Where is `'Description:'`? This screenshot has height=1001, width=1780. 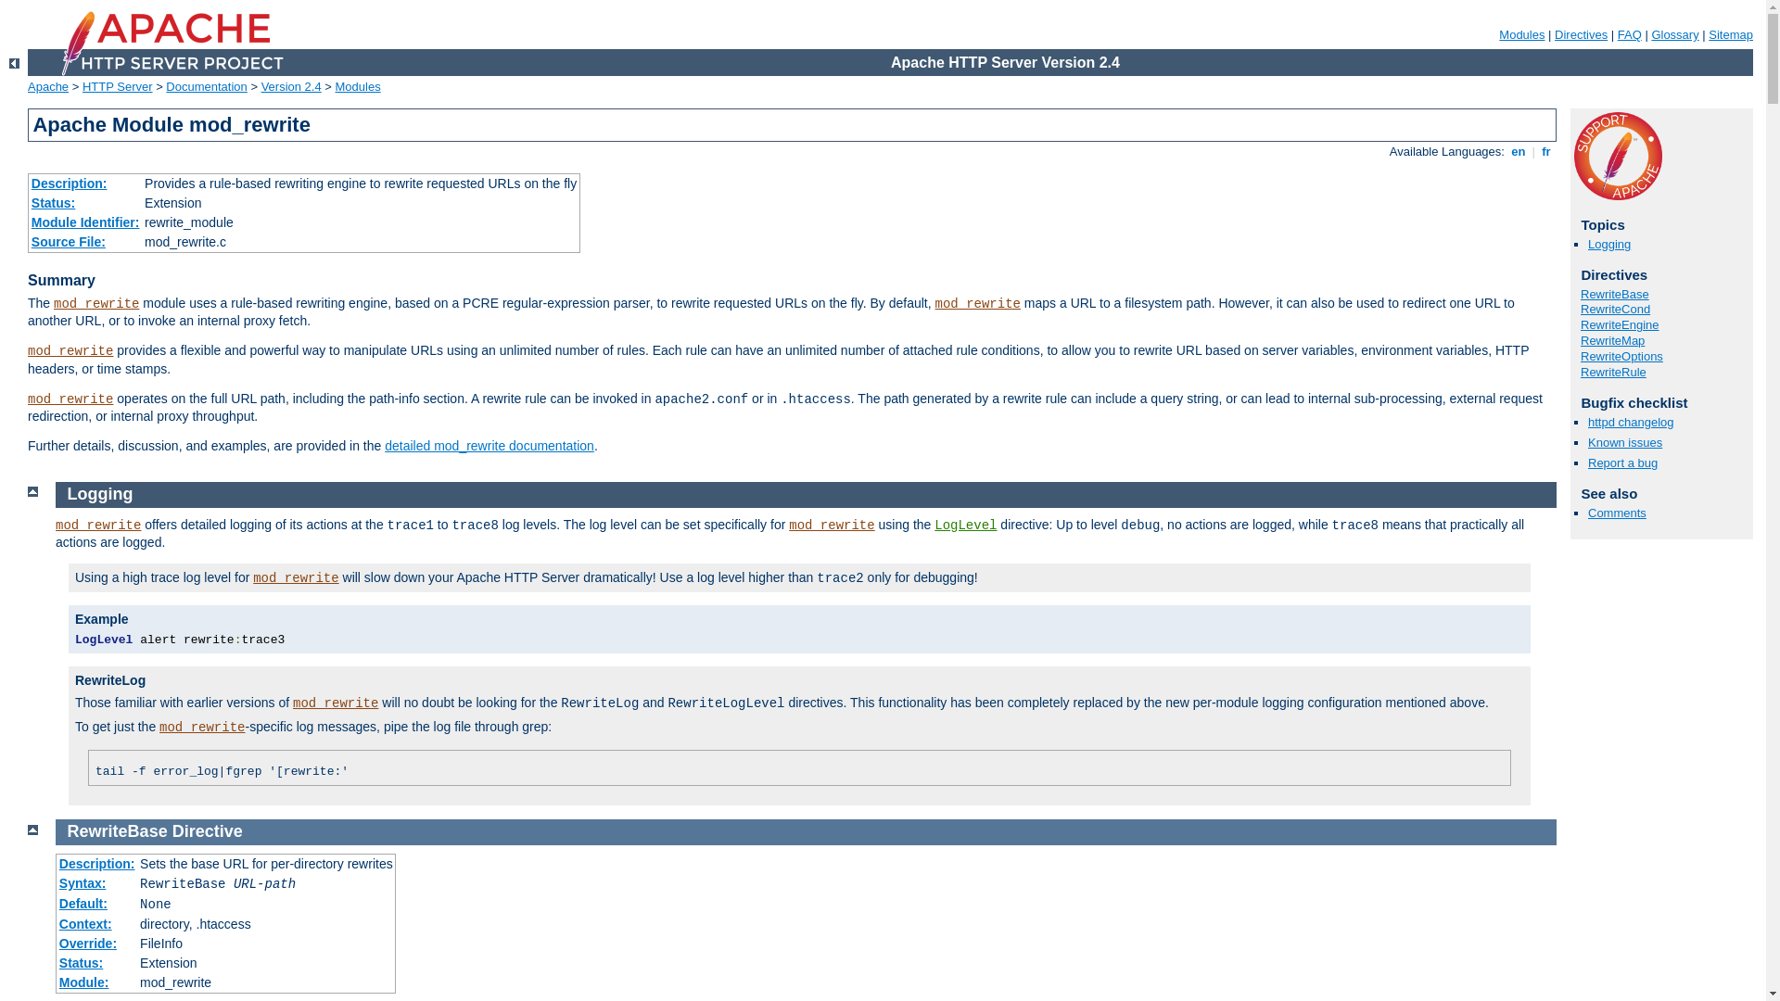
'Description:' is located at coordinates (96, 864).